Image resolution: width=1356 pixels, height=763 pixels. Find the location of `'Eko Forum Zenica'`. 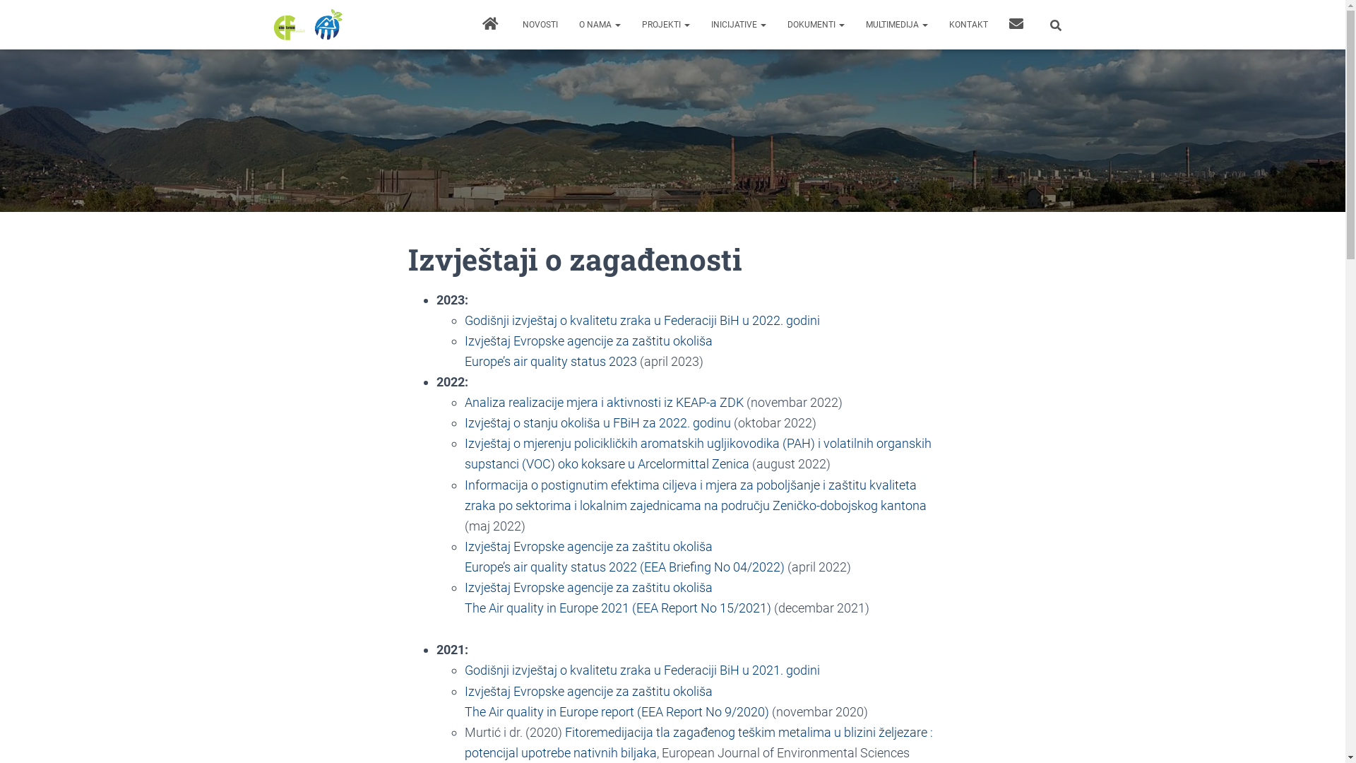

'Eko Forum Zenica' is located at coordinates (307, 24).